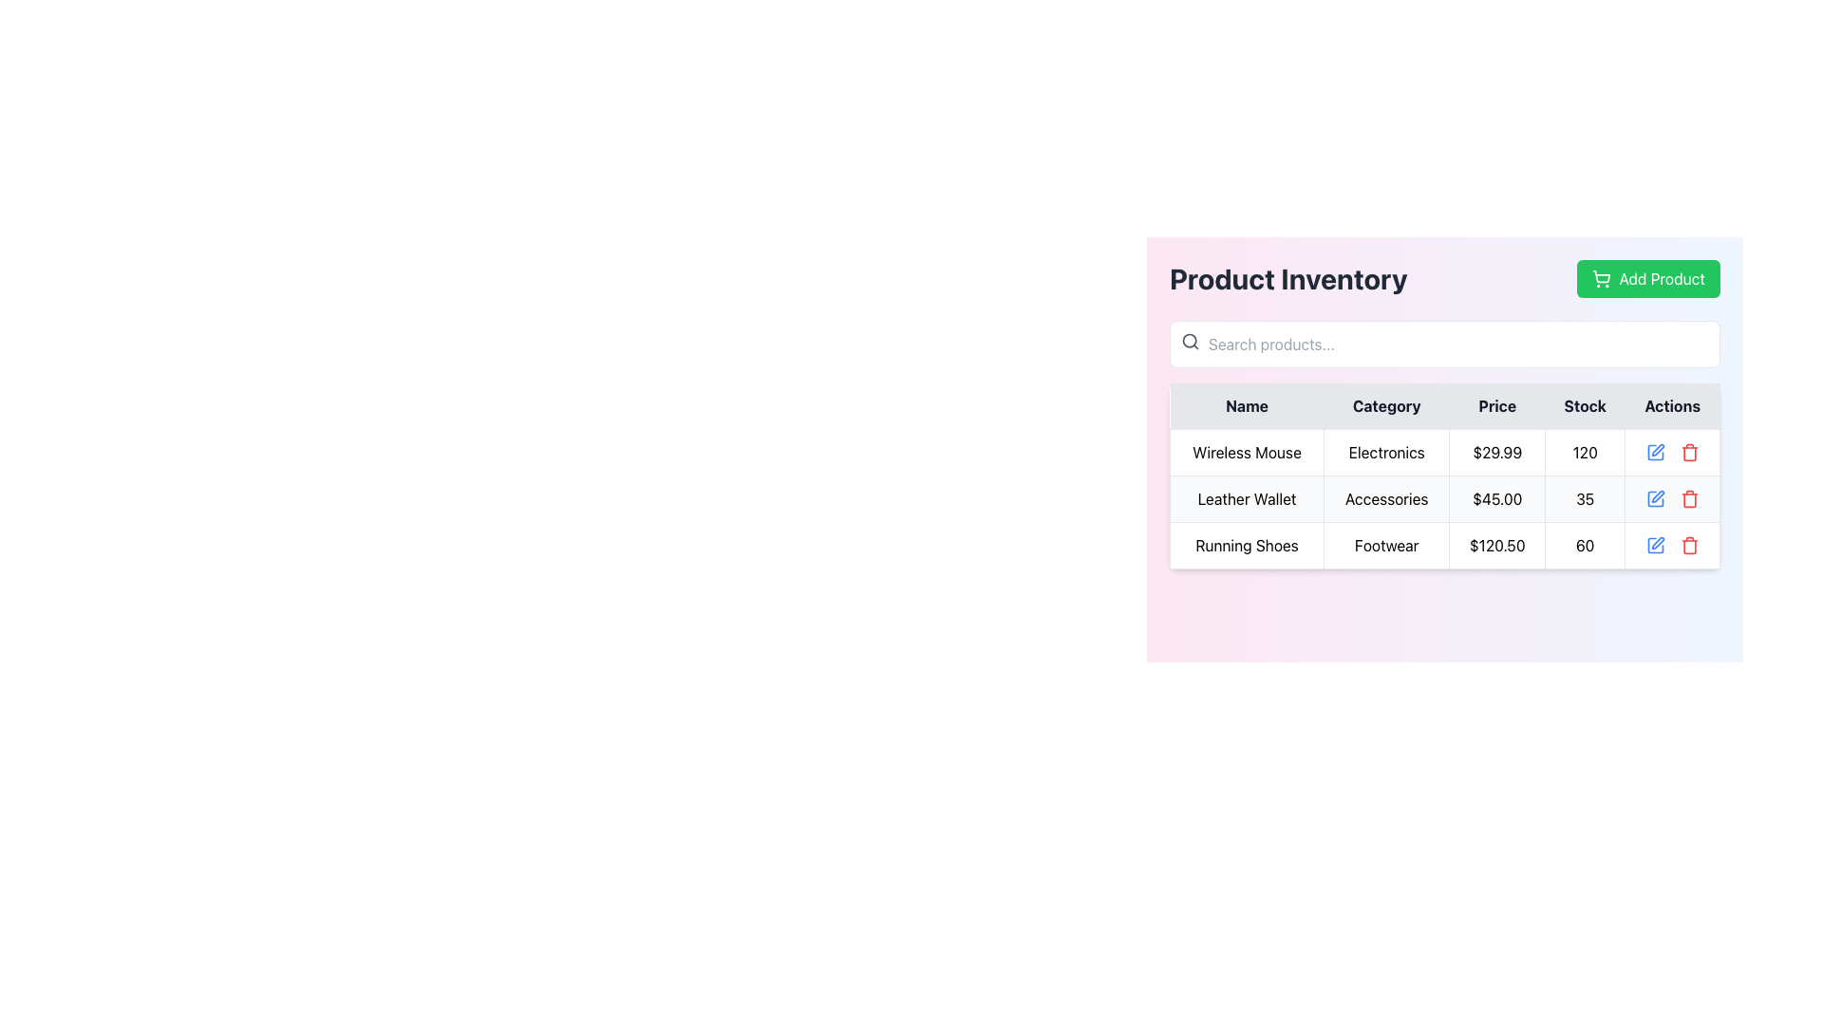  I want to click on the Text Display that shows the text '60', located in the 'Stock' column under the 'Running Shoes' row, which is the fourth column of the third row in the table, so click(1585, 545).